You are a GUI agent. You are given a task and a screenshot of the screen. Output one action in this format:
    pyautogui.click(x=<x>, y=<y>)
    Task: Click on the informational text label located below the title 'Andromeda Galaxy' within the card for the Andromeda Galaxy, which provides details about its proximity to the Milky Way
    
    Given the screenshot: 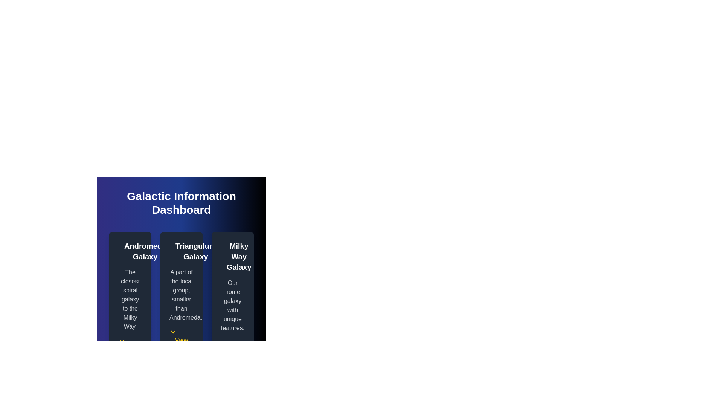 What is the action you would take?
    pyautogui.click(x=130, y=299)
    